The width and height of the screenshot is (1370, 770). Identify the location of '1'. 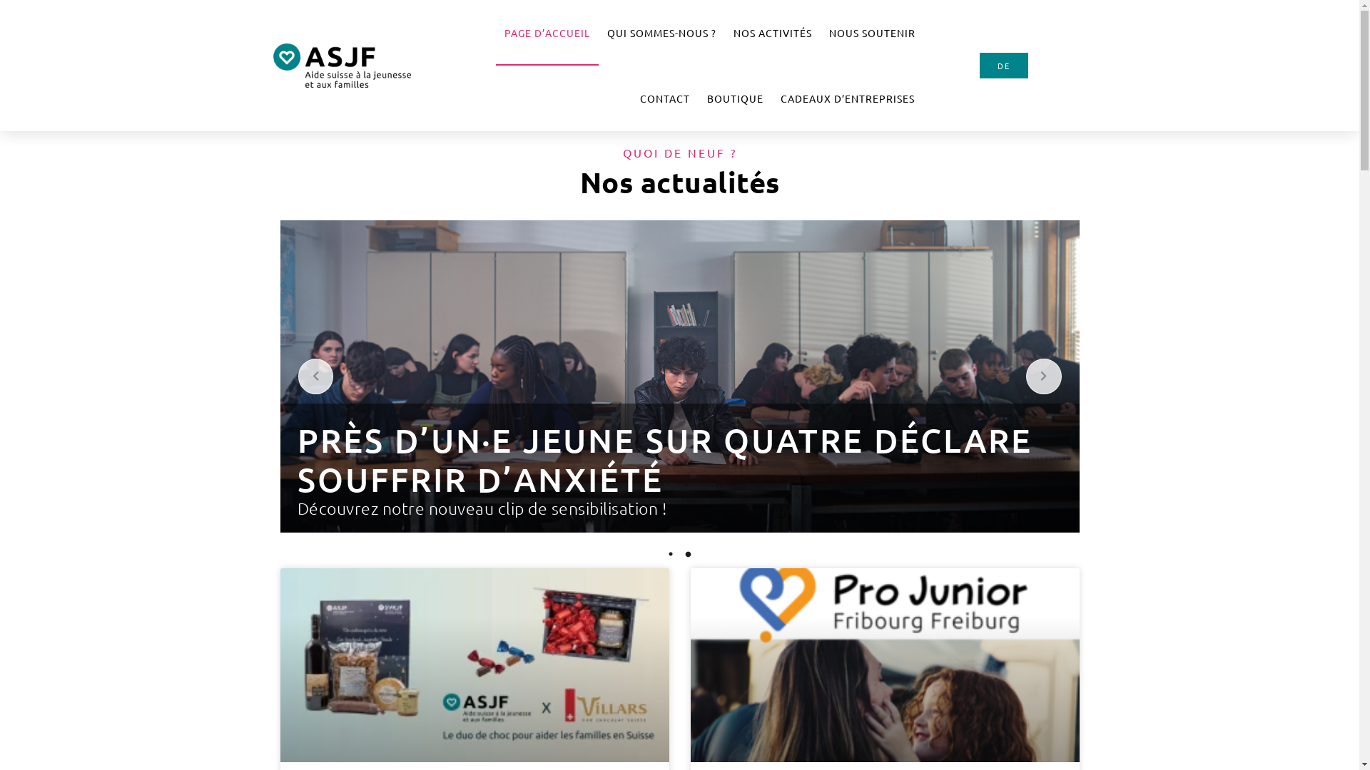
(670, 553).